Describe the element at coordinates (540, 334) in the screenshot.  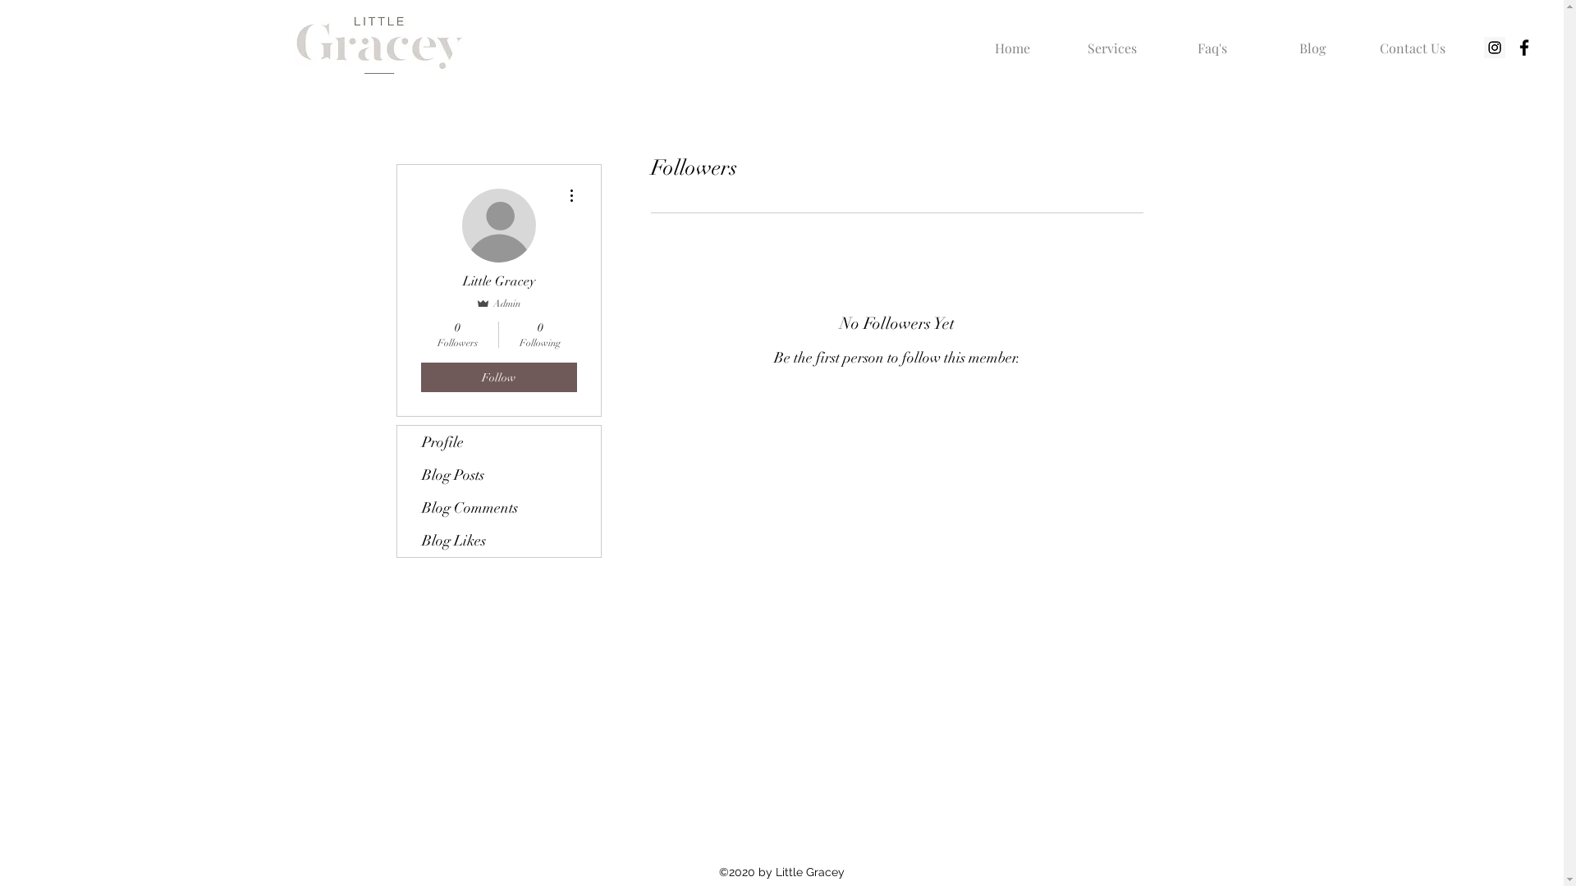
I see `'0` at that location.